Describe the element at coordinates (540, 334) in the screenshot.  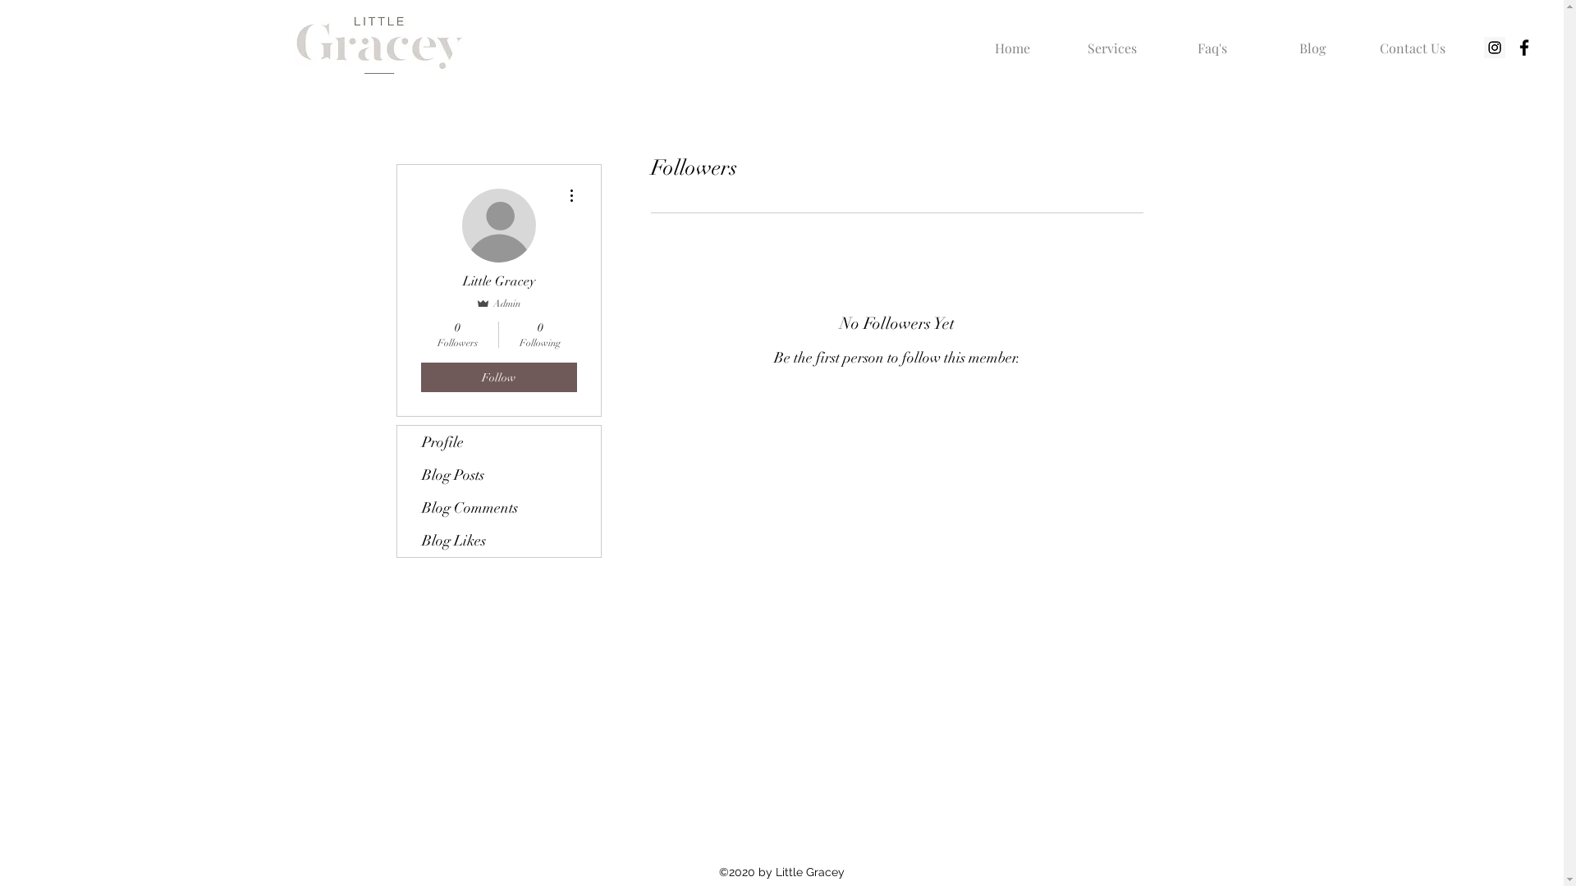
I see `'0` at that location.